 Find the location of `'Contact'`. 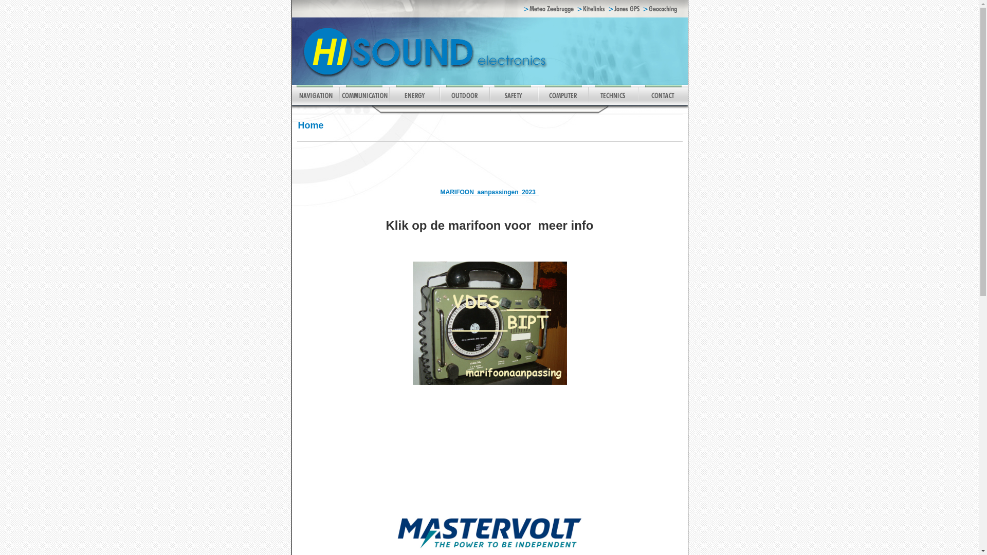

'Contact' is located at coordinates (662, 103).